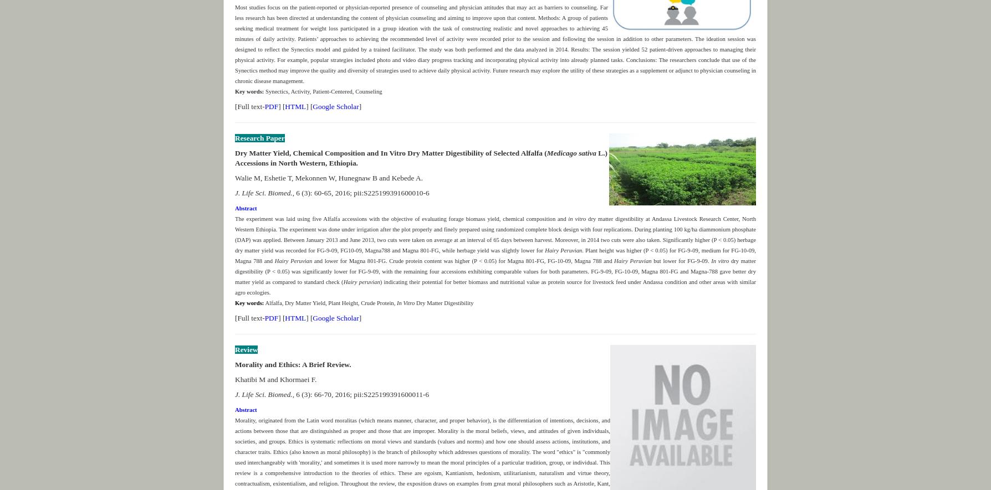 The image size is (991, 490). Describe the element at coordinates (361, 192) in the screenshot. I see `'6 (3): 60-65, 2016; pii:S225199391600010-6'` at that location.